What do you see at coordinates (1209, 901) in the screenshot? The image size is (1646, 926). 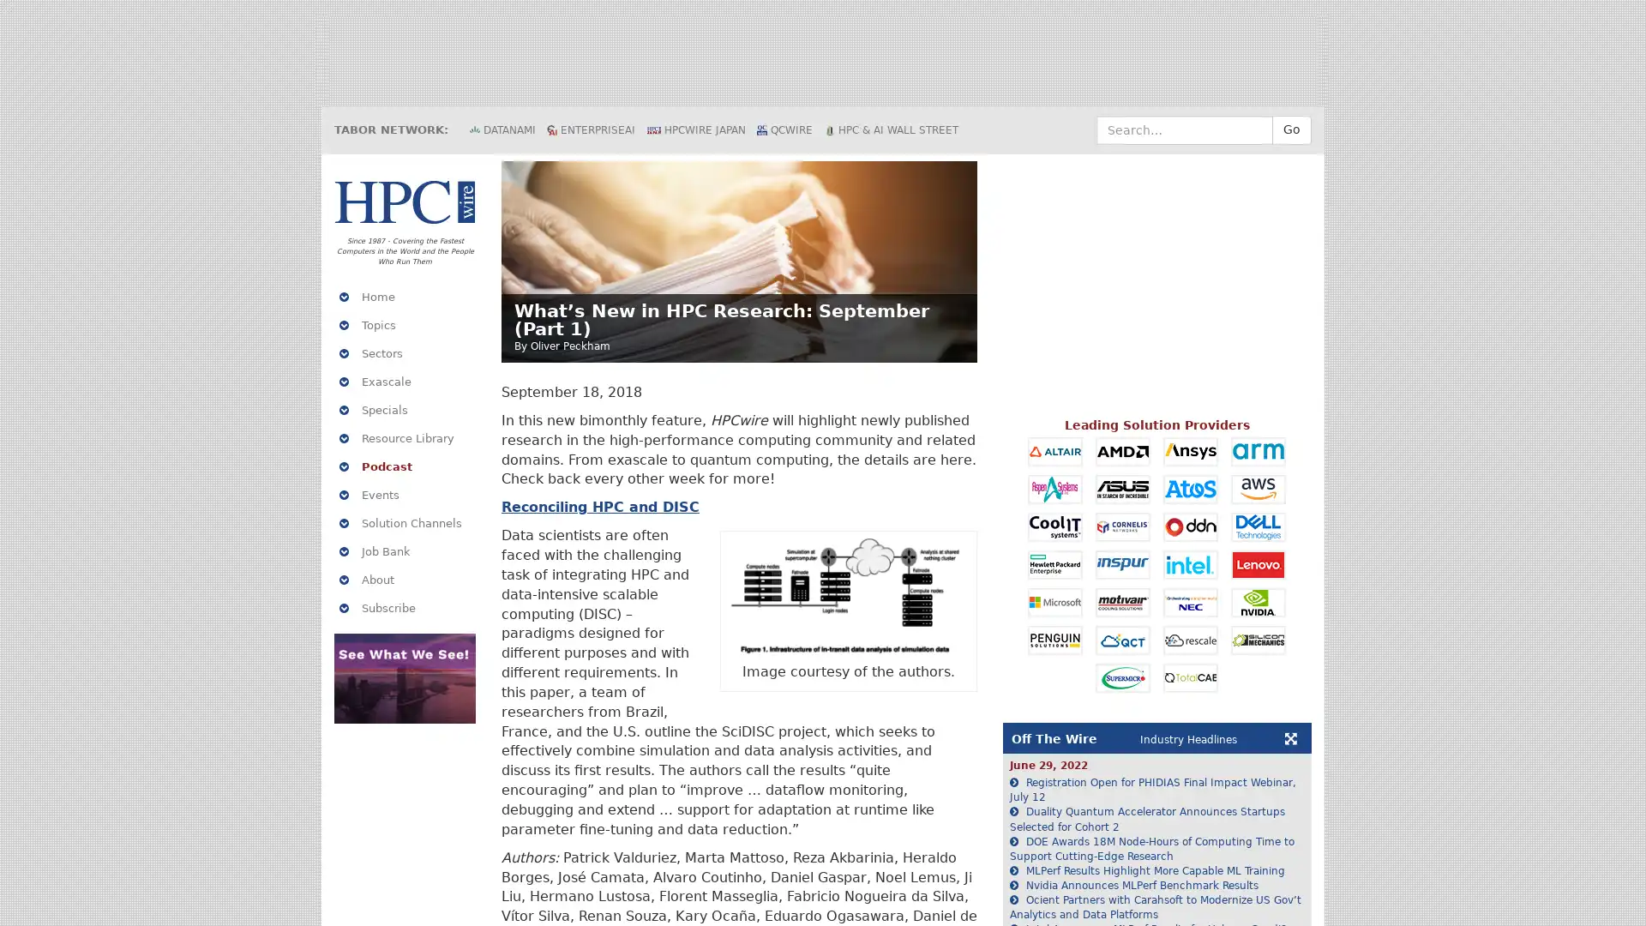 I see `Reject` at bounding box center [1209, 901].